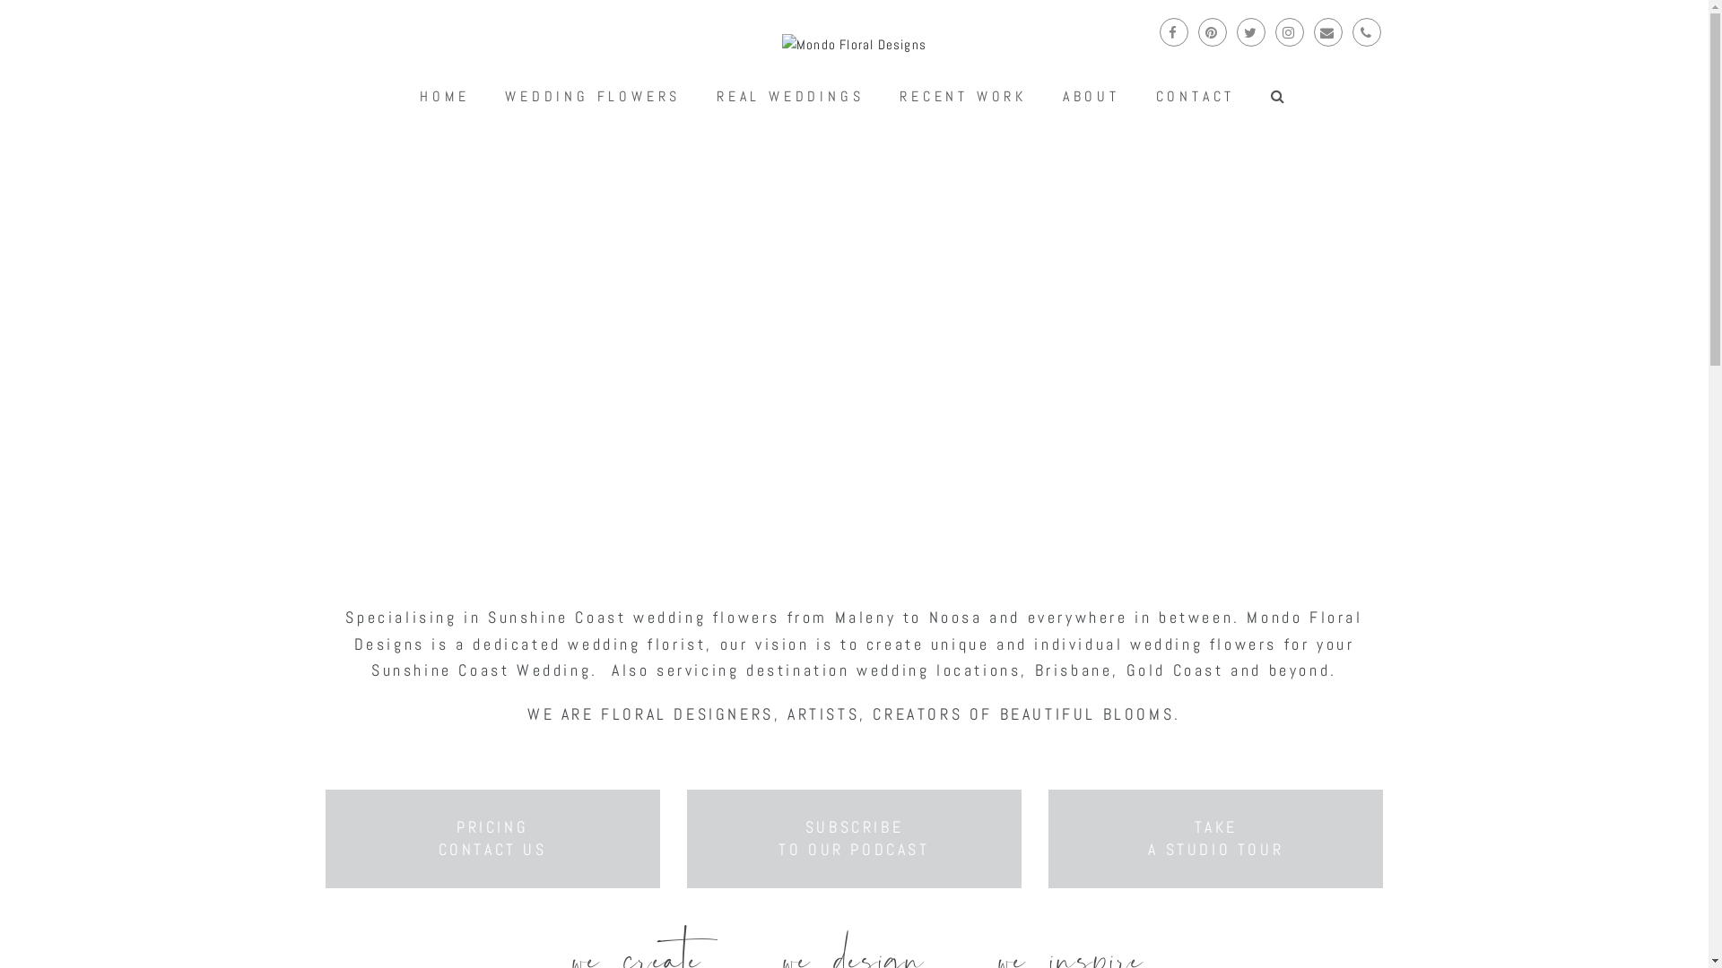 This screenshot has height=968, width=1722. Describe the element at coordinates (961, 97) in the screenshot. I see `'RECENT WORK'` at that location.